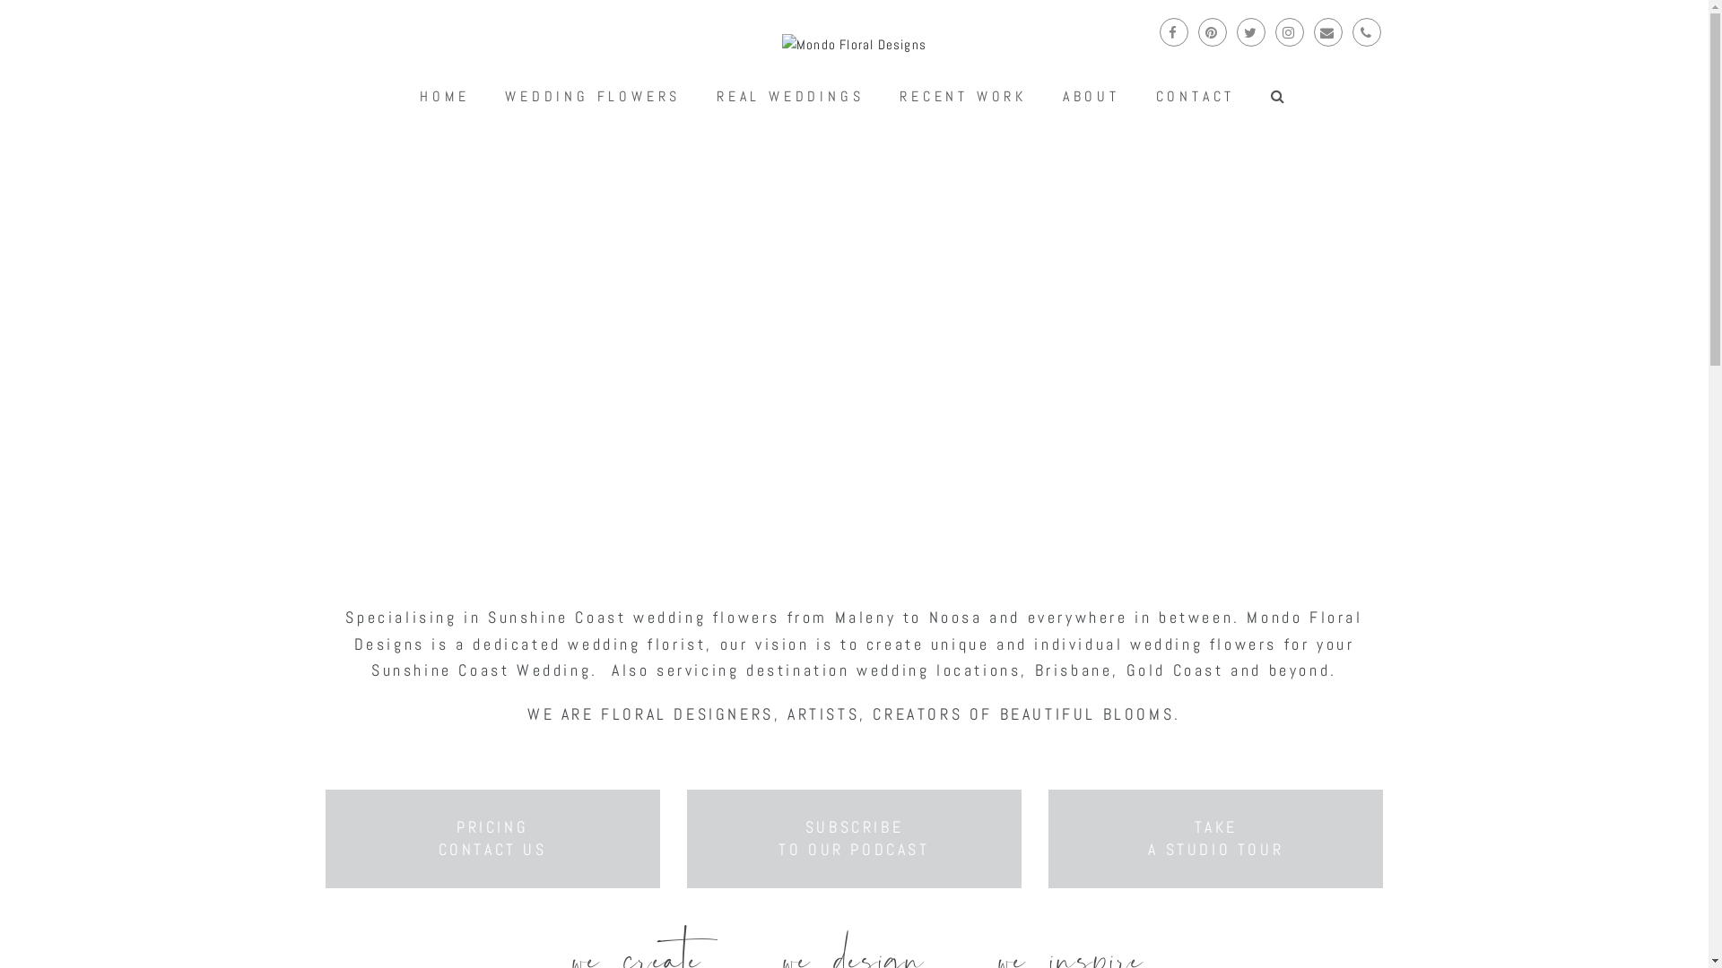 This screenshot has height=968, width=1722. Describe the element at coordinates (961, 97) in the screenshot. I see `'RECENT WORK'` at that location.